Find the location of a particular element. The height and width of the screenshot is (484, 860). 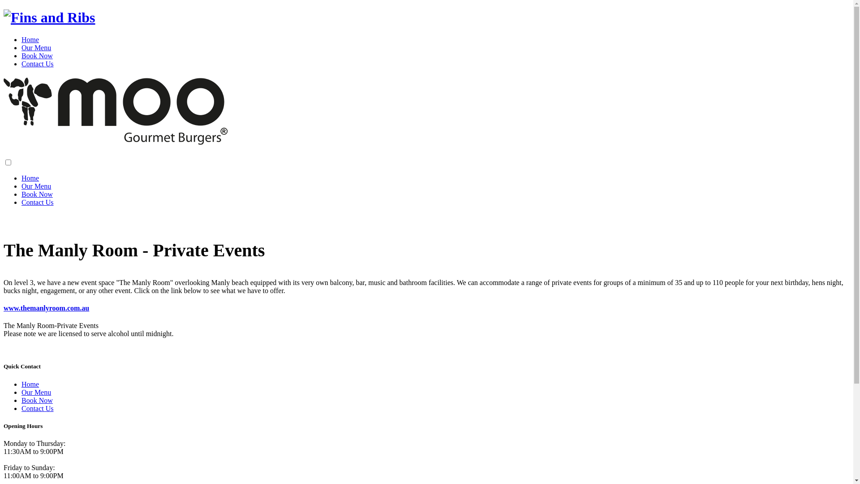

'Our Menu' is located at coordinates (36, 186).